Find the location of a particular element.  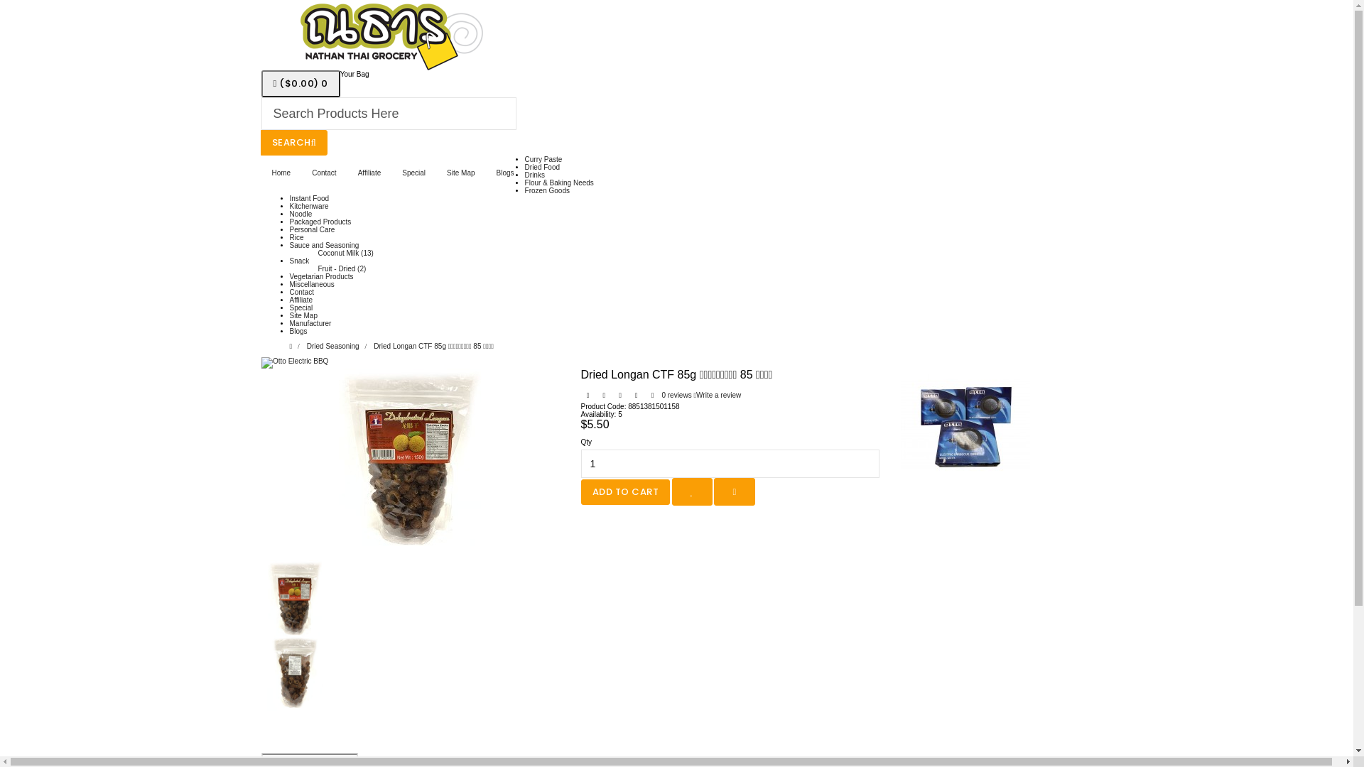

'Home' is located at coordinates (261, 172).